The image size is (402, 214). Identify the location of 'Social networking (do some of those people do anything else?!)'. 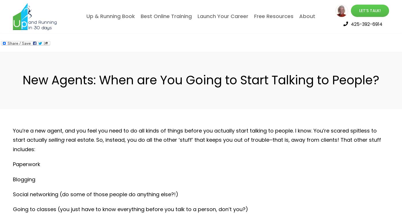
(95, 194).